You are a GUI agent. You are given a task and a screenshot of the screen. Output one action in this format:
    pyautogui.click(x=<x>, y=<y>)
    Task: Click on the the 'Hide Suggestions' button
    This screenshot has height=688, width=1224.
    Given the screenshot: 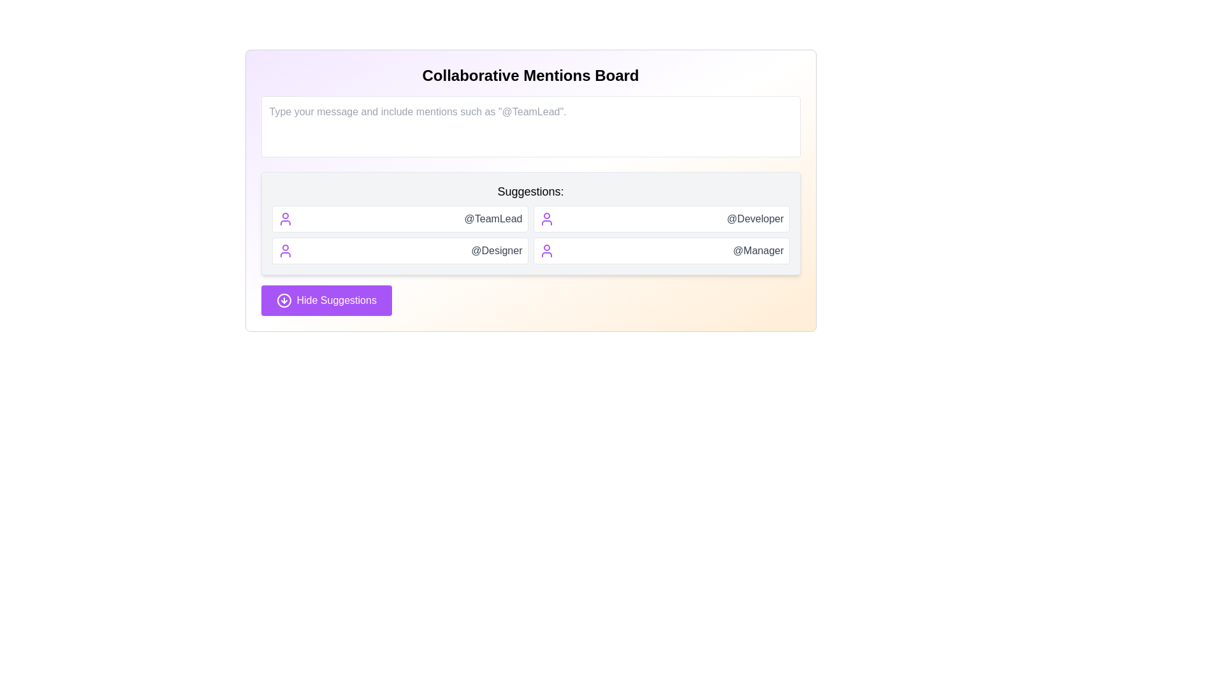 What is the action you would take?
    pyautogui.click(x=283, y=300)
    